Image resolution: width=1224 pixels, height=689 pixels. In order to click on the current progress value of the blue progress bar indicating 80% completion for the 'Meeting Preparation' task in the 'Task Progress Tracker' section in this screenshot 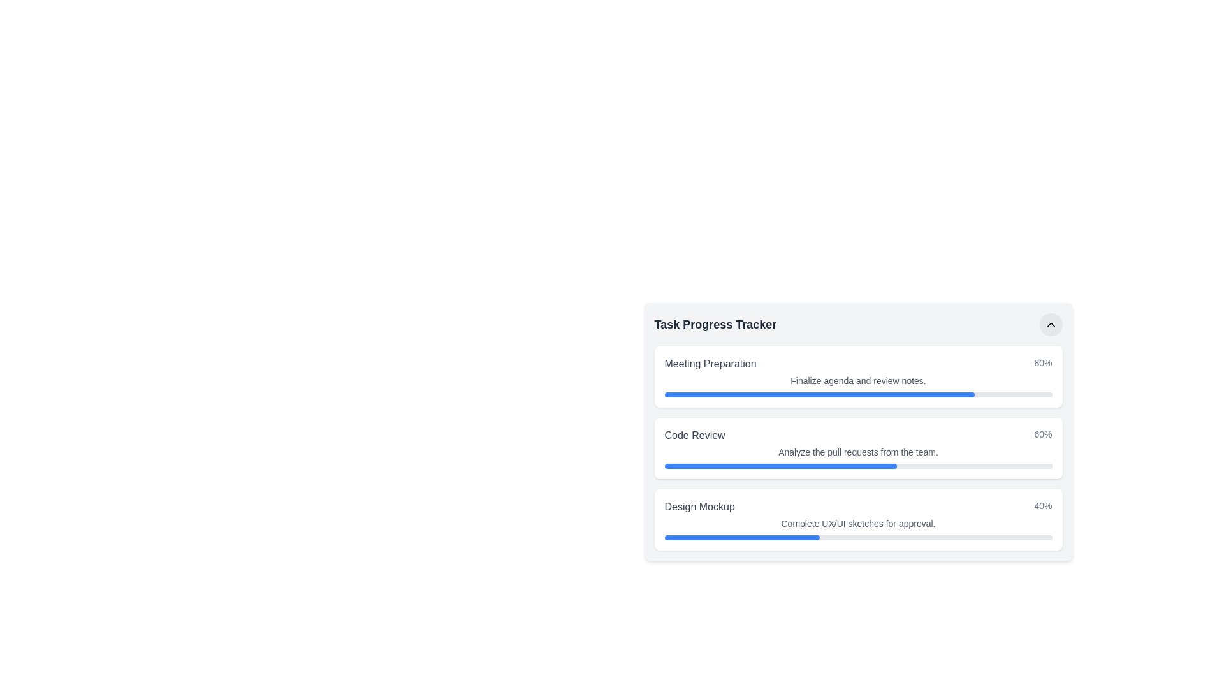, I will do `click(819, 394)`.